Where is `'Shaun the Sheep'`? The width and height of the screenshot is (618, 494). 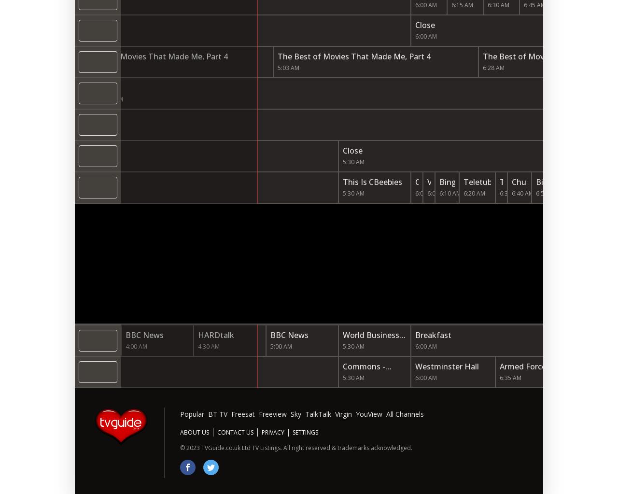
'Shaun the Sheep' is located at coordinates (572, 162).